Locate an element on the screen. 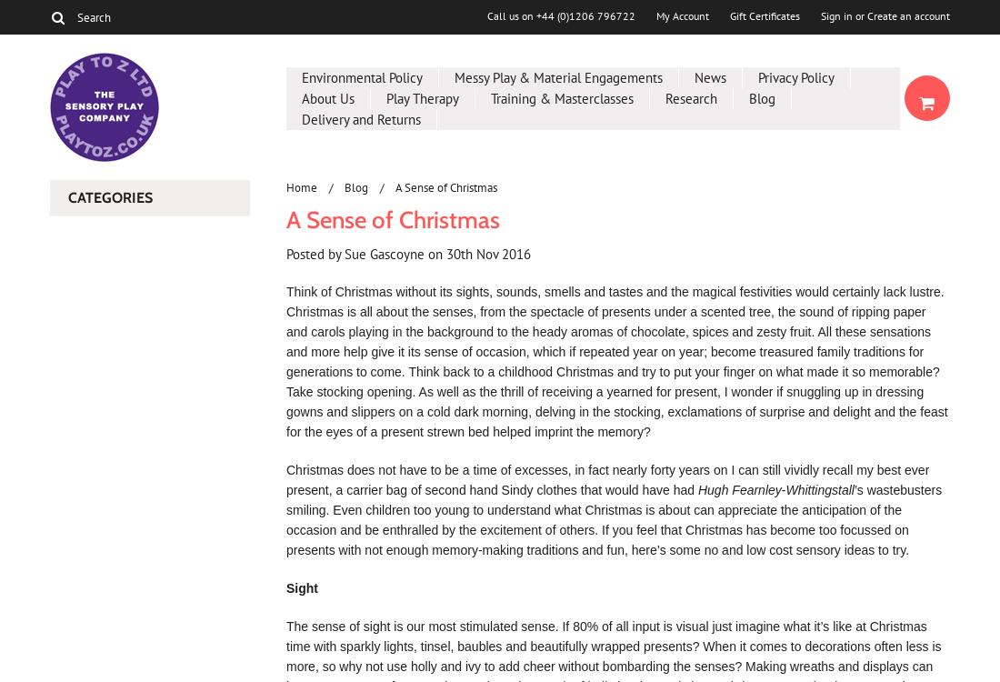 The width and height of the screenshot is (1000, 682). '’s
wastebusters smiling. Even children too young to understand what Christmas is
about can appreciate the anticipation of the occasion and be enthralled by the
excitement of others. If you feel that Christmas has become too focussed on
presents with not enough memory-making traditions and fun, here’s some no and
low cost sensory ideas to try.' is located at coordinates (285, 519).